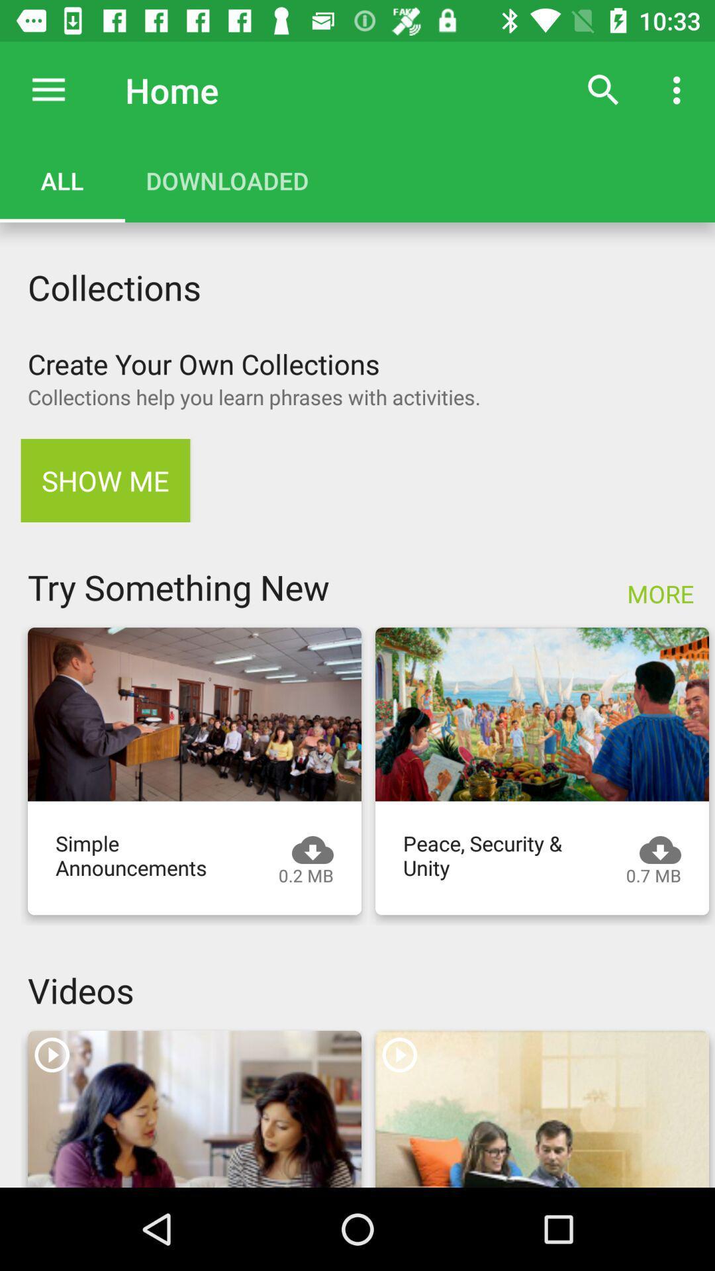 The height and width of the screenshot is (1271, 715). I want to click on click on peace security and unity, so click(542, 714).